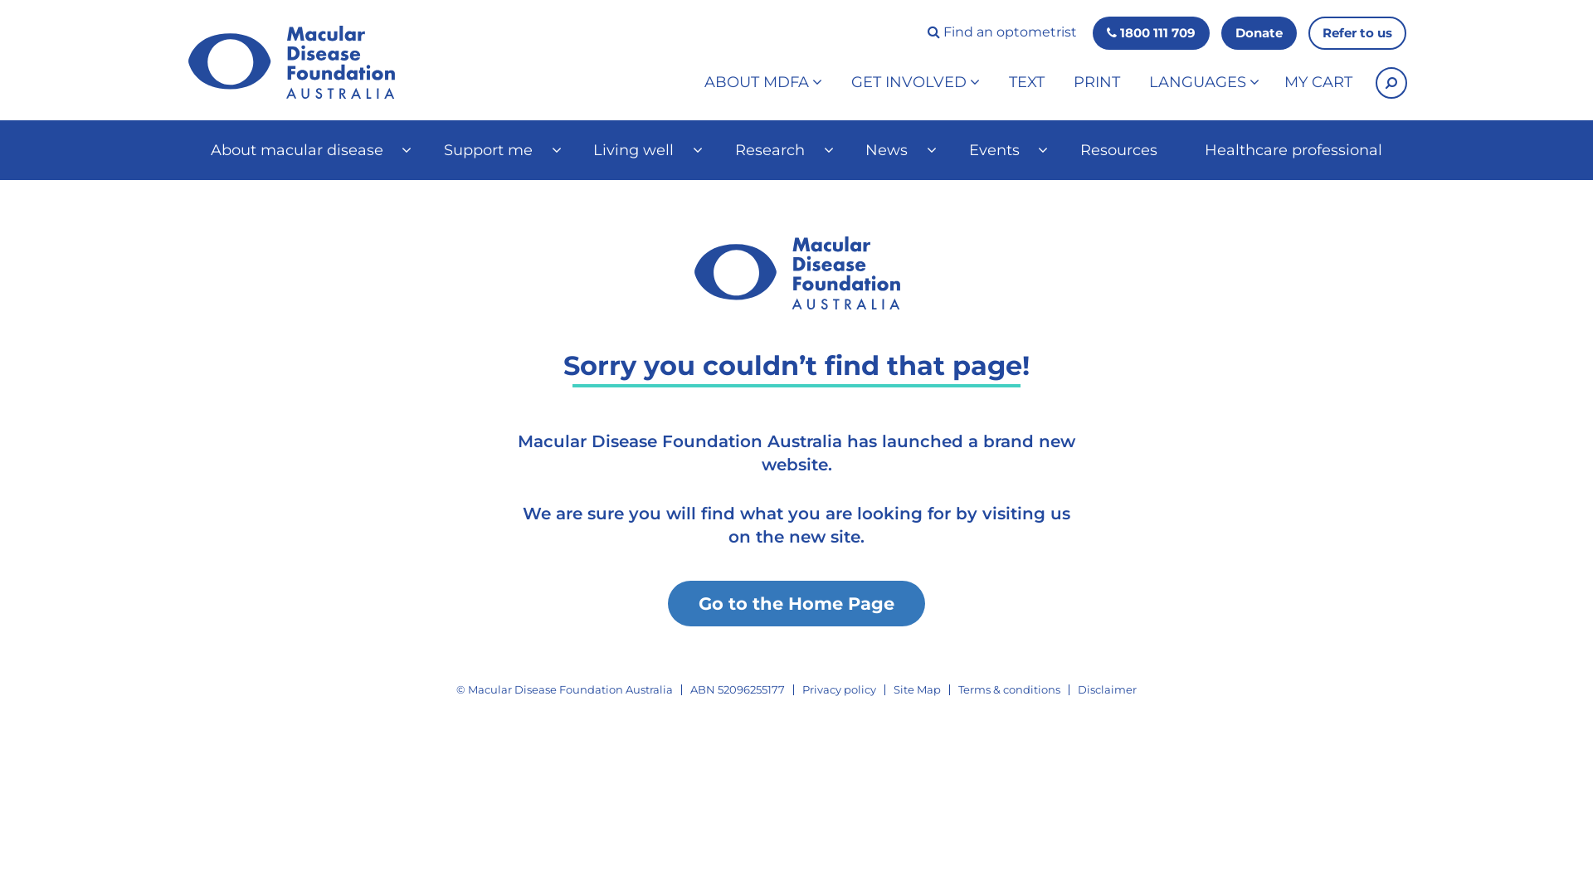 This screenshot has height=896, width=1593. Describe the element at coordinates (914, 83) in the screenshot. I see `'GET INVOLVED'` at that location.